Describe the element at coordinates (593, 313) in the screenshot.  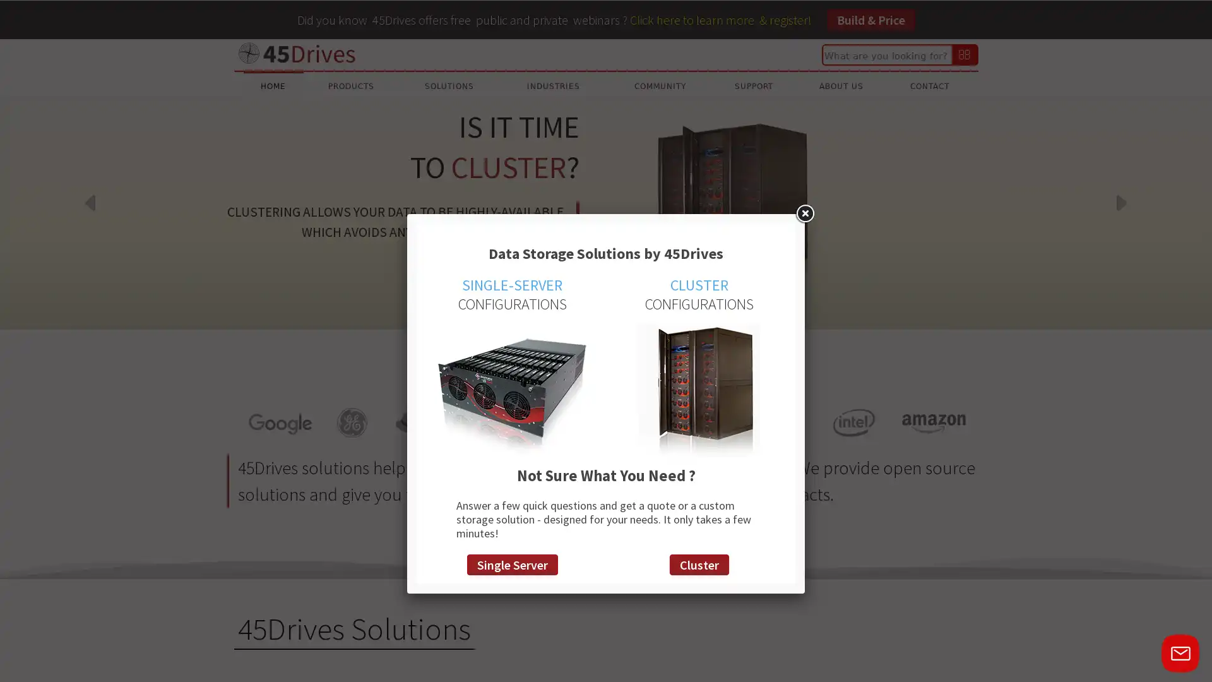
I see `FULL SOLUTION PROVIDERS` at that location.